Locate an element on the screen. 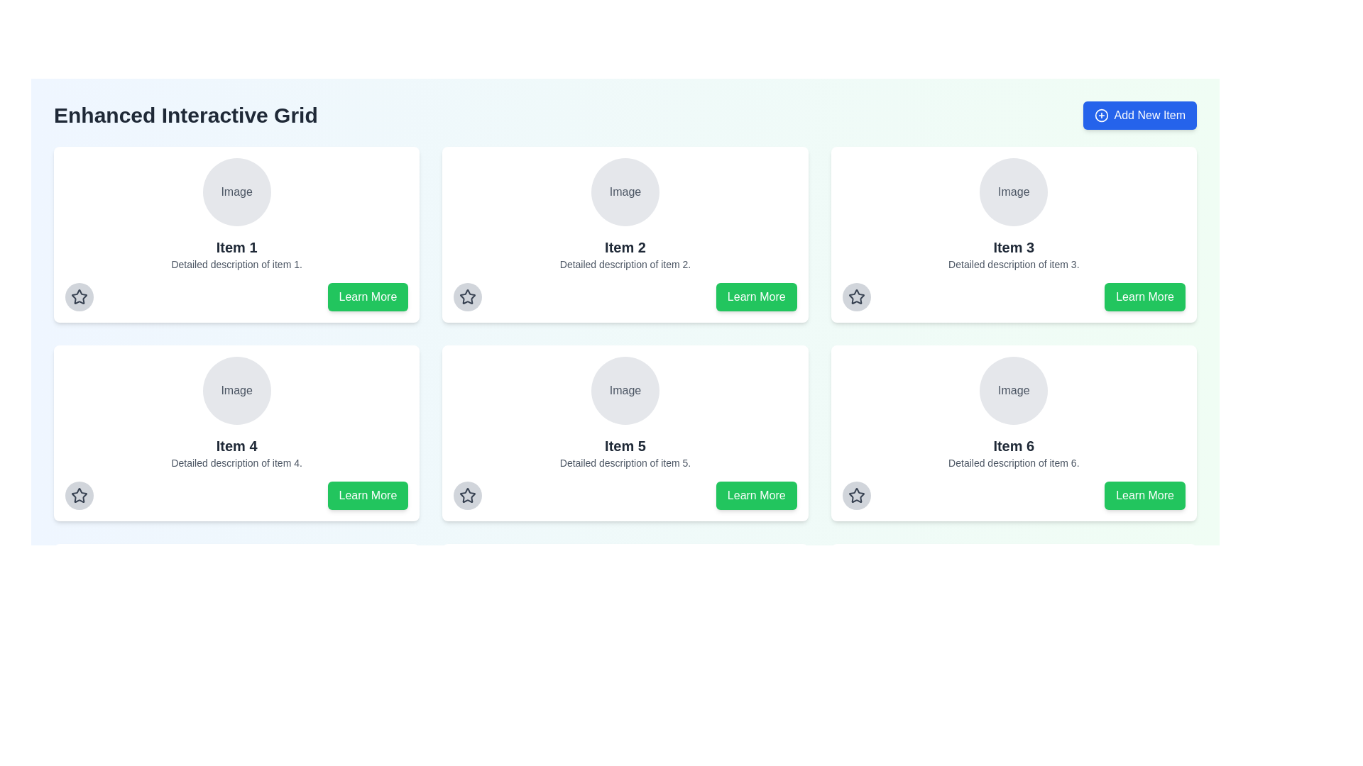  the card interface located in the first row and third column of the grid layout is located at coordinates (1013, 234).